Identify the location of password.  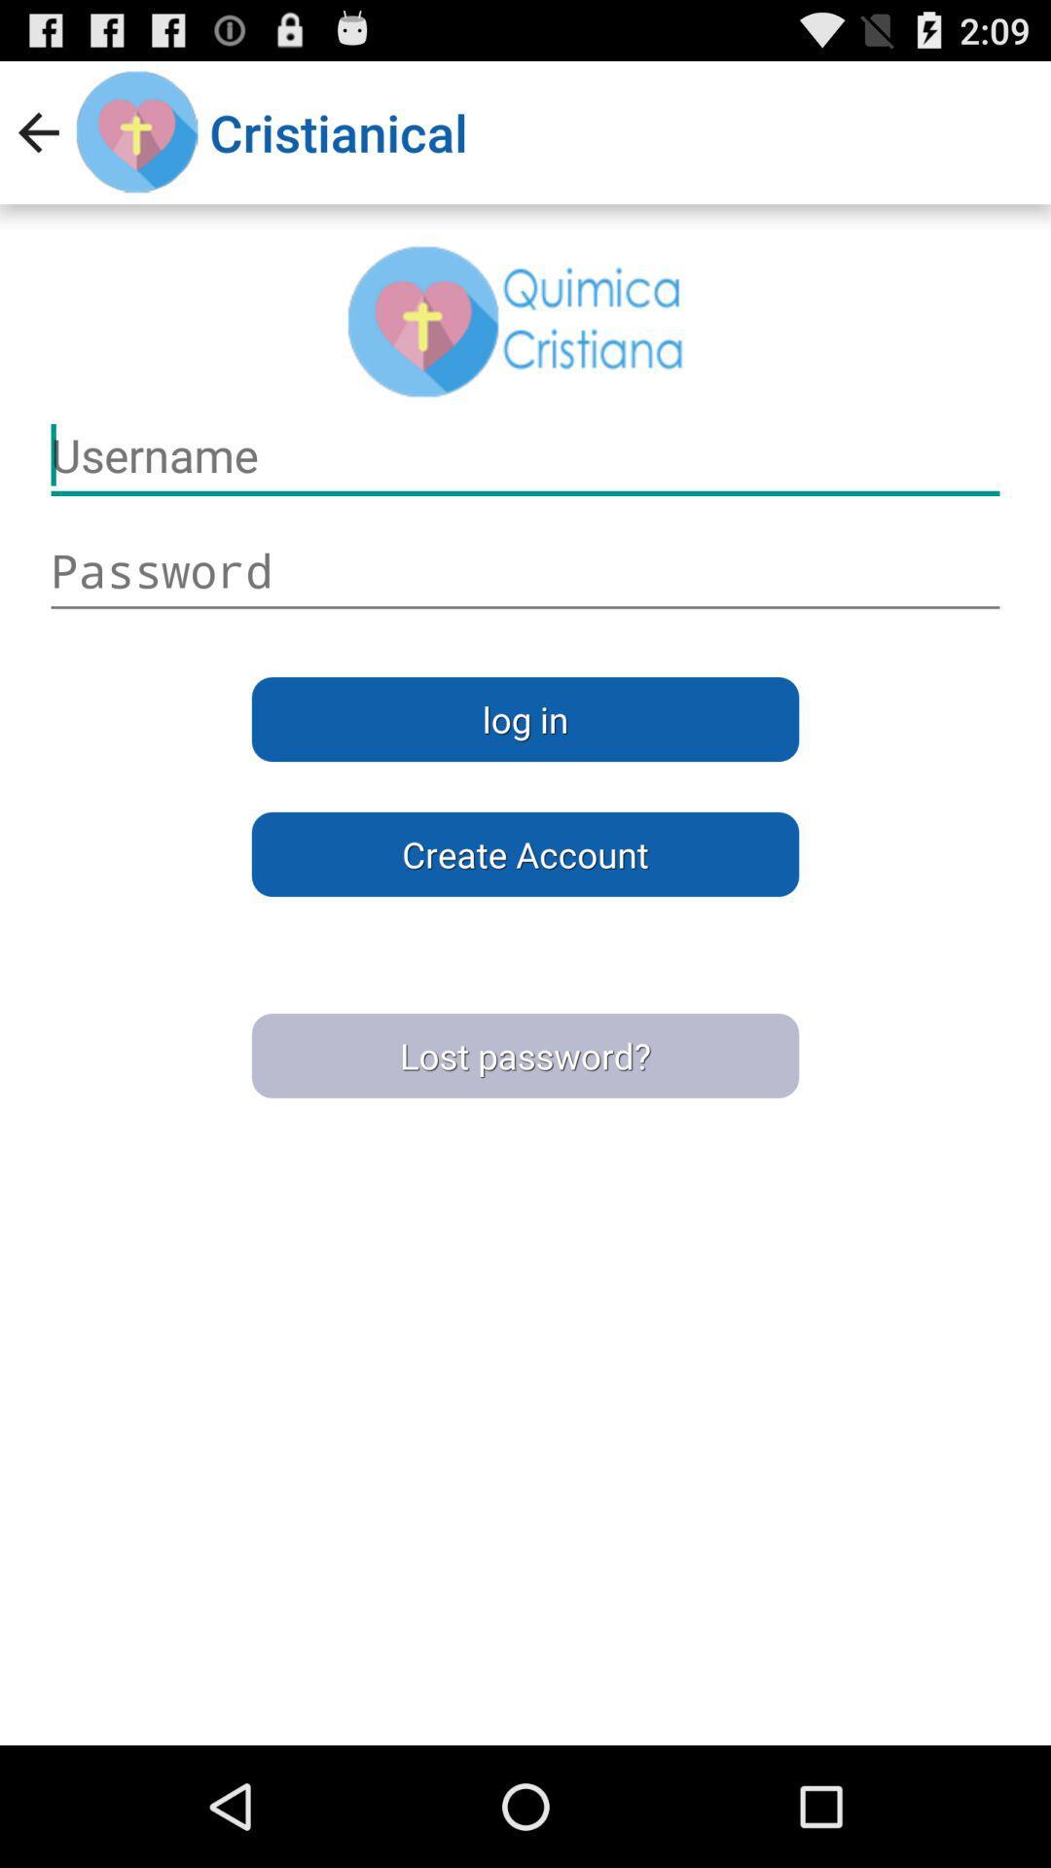
(525, 570).